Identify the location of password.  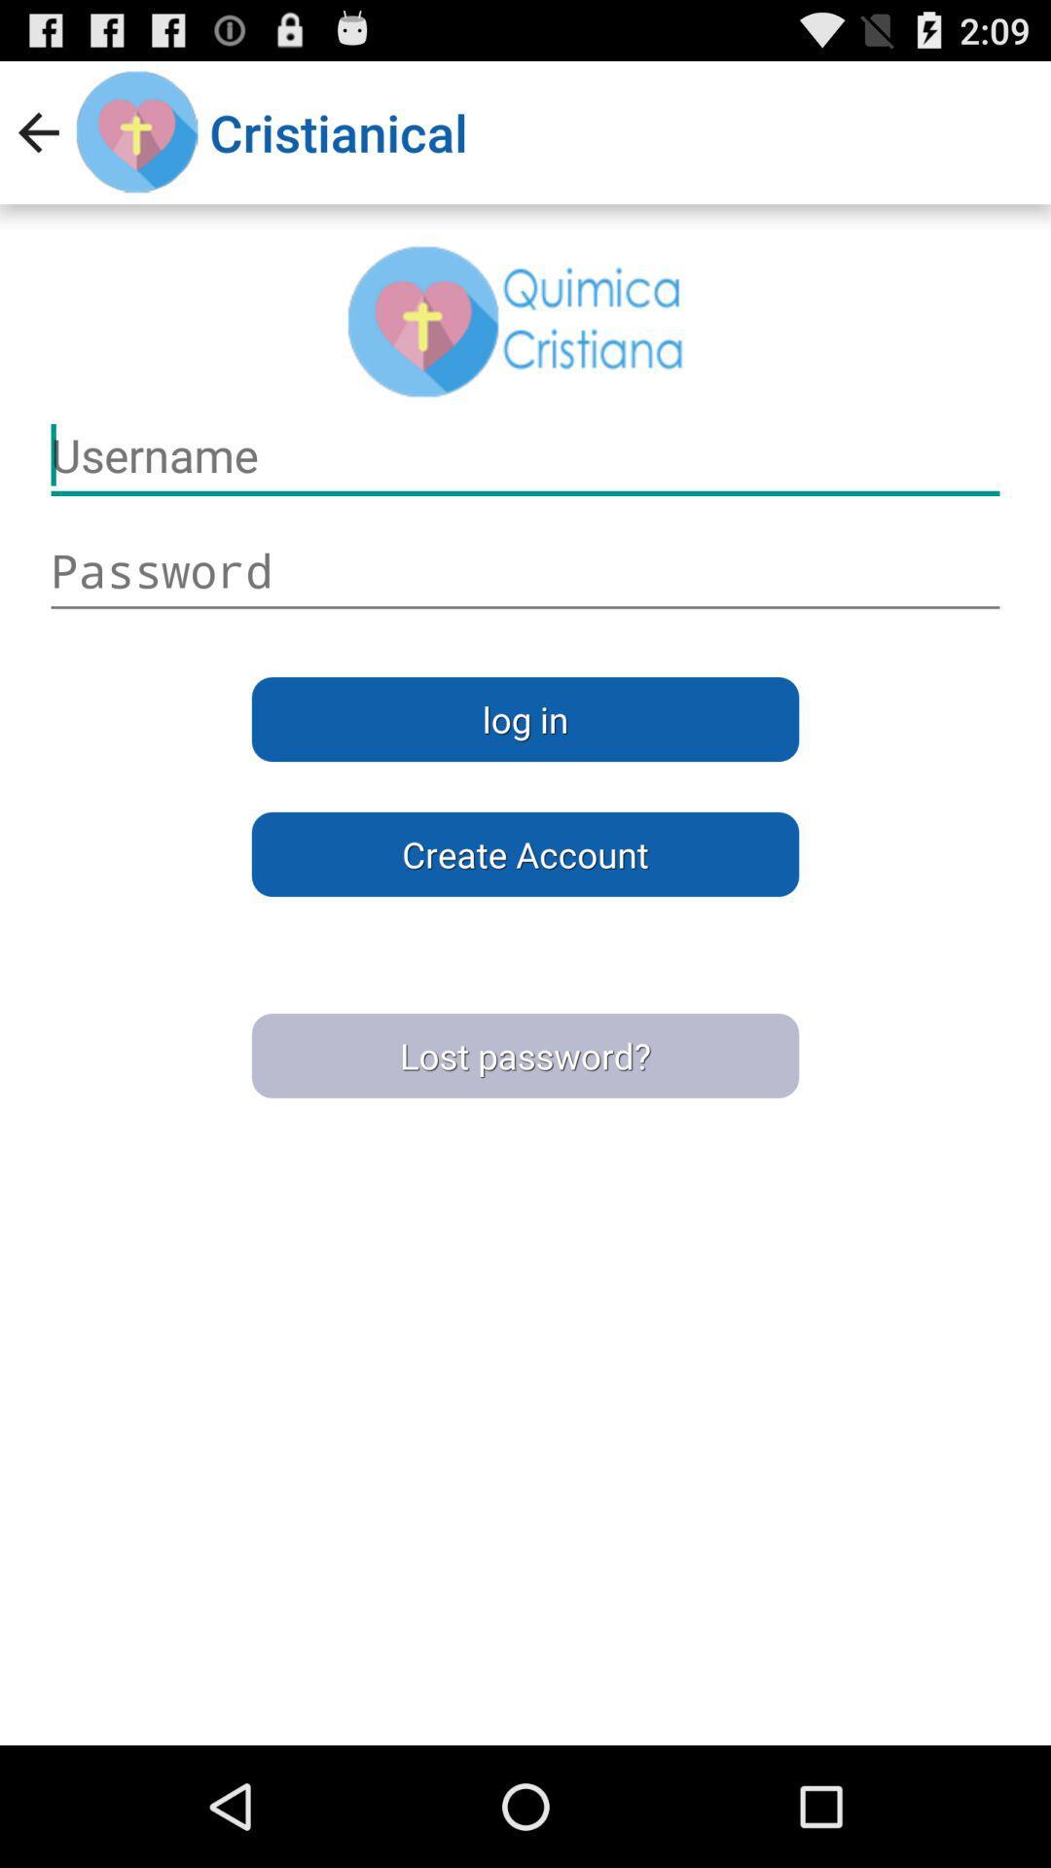
(525, 570).